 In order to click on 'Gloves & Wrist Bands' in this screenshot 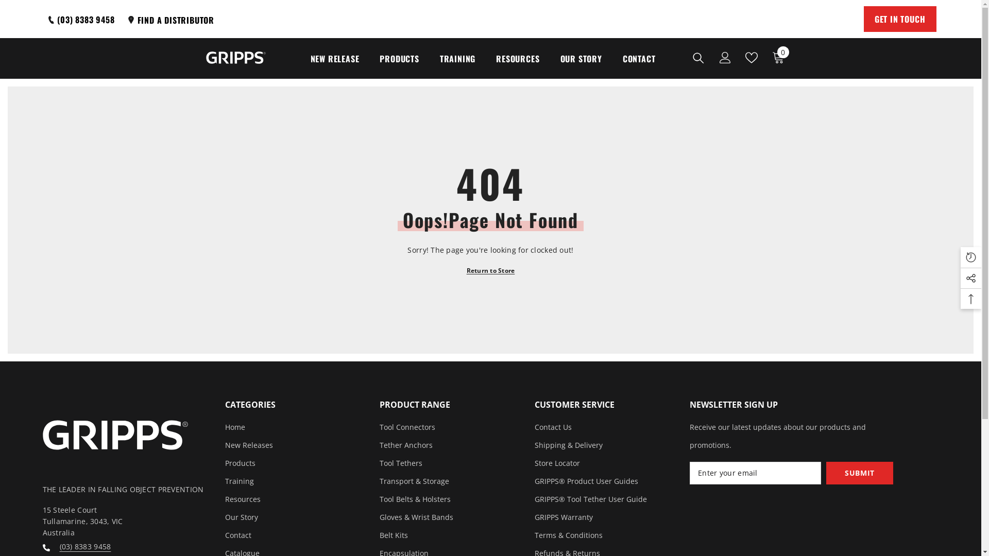, I will do `click(416, 517)`.